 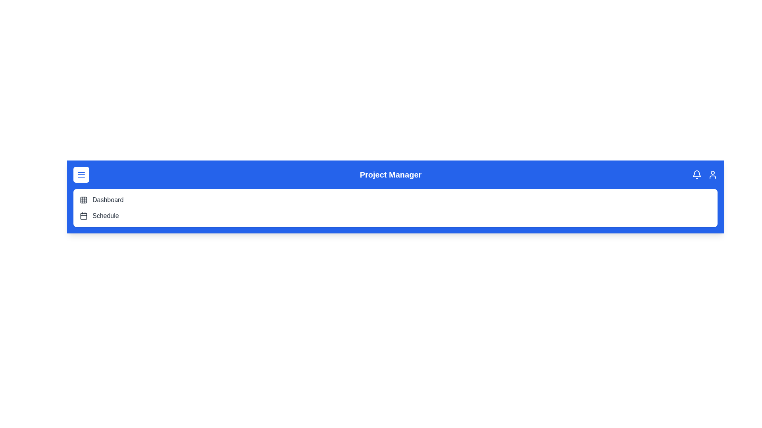 I want to click on the 'Schedule' menu item, so click(x=105, y=216).